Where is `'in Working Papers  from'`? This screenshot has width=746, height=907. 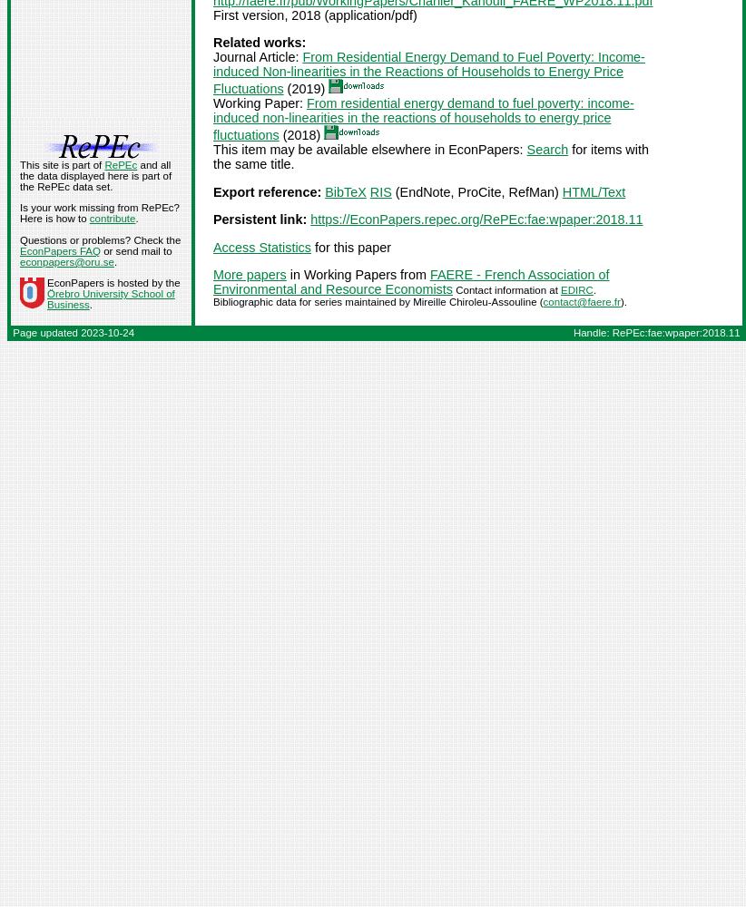 'in Working Papers  from' is located at coordinates (357, 274).